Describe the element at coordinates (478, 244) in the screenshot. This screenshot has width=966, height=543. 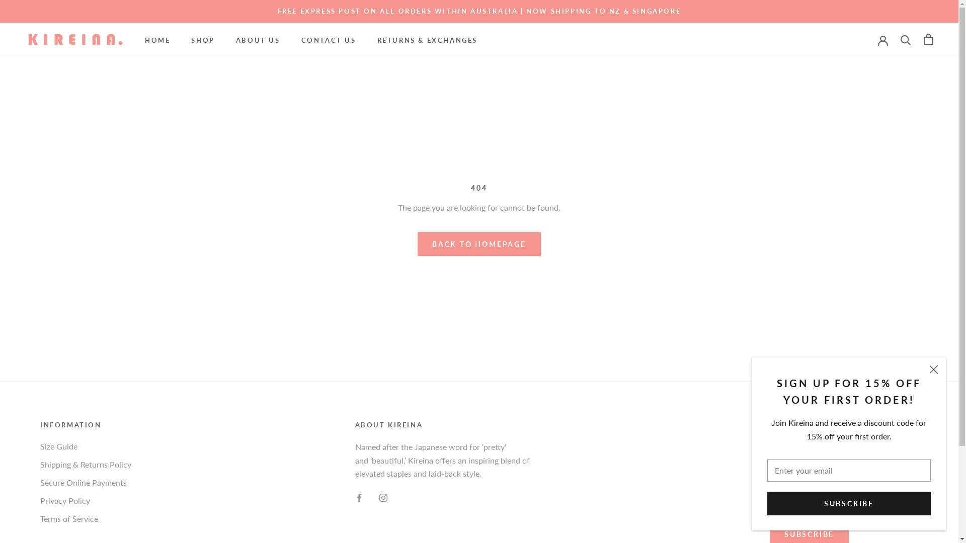
I see `'BACK TO HOMEPAGE'` at that location.